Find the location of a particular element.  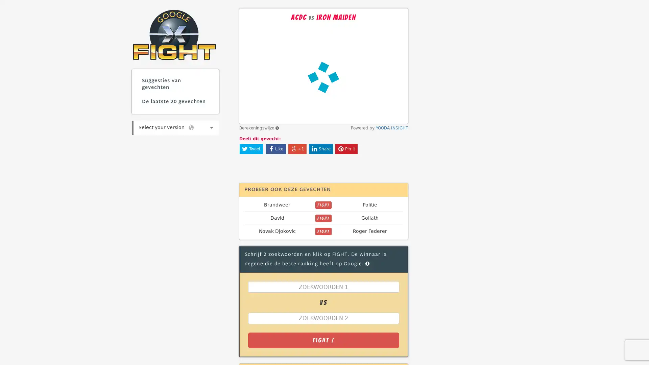

FIGHT is located at coordinates (323, 218).